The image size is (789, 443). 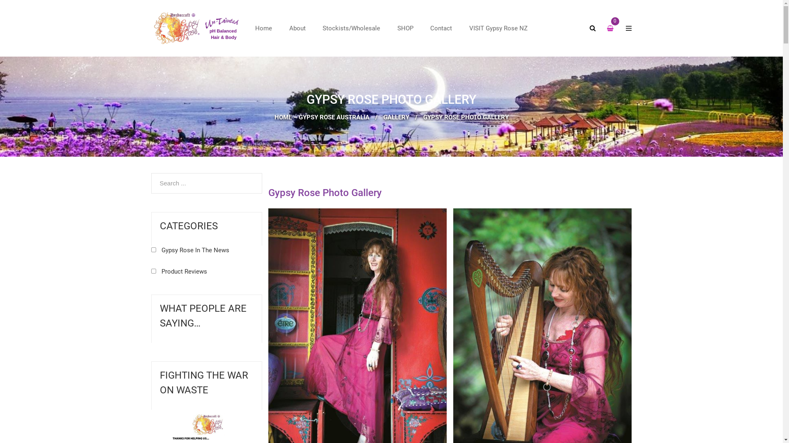 What do you see at coordinates (461, 28) in the screenshot?
I see `'VISIT Gypsy Rose NZ'` at bounding box center [461, 28].